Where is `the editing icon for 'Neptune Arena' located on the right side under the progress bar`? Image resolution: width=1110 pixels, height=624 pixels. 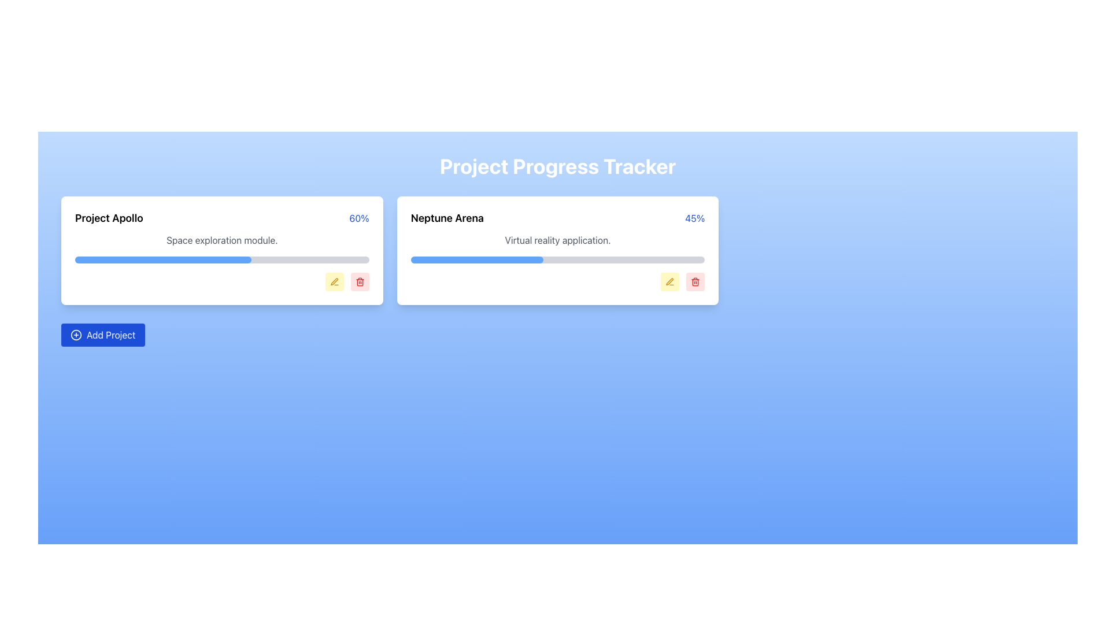
the editing icon for 'Neptune Arena' located on the right side under the progress bar is located at coordinates (670, 282).